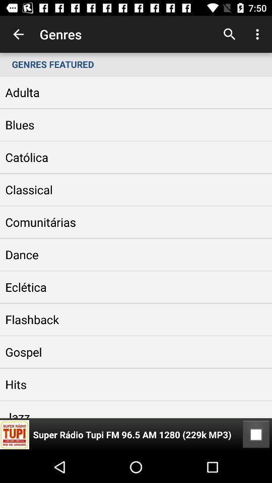  Describe the element at coordinates (256, 434) in the screenshot. I see `the item at the bottom right corner` at that location.